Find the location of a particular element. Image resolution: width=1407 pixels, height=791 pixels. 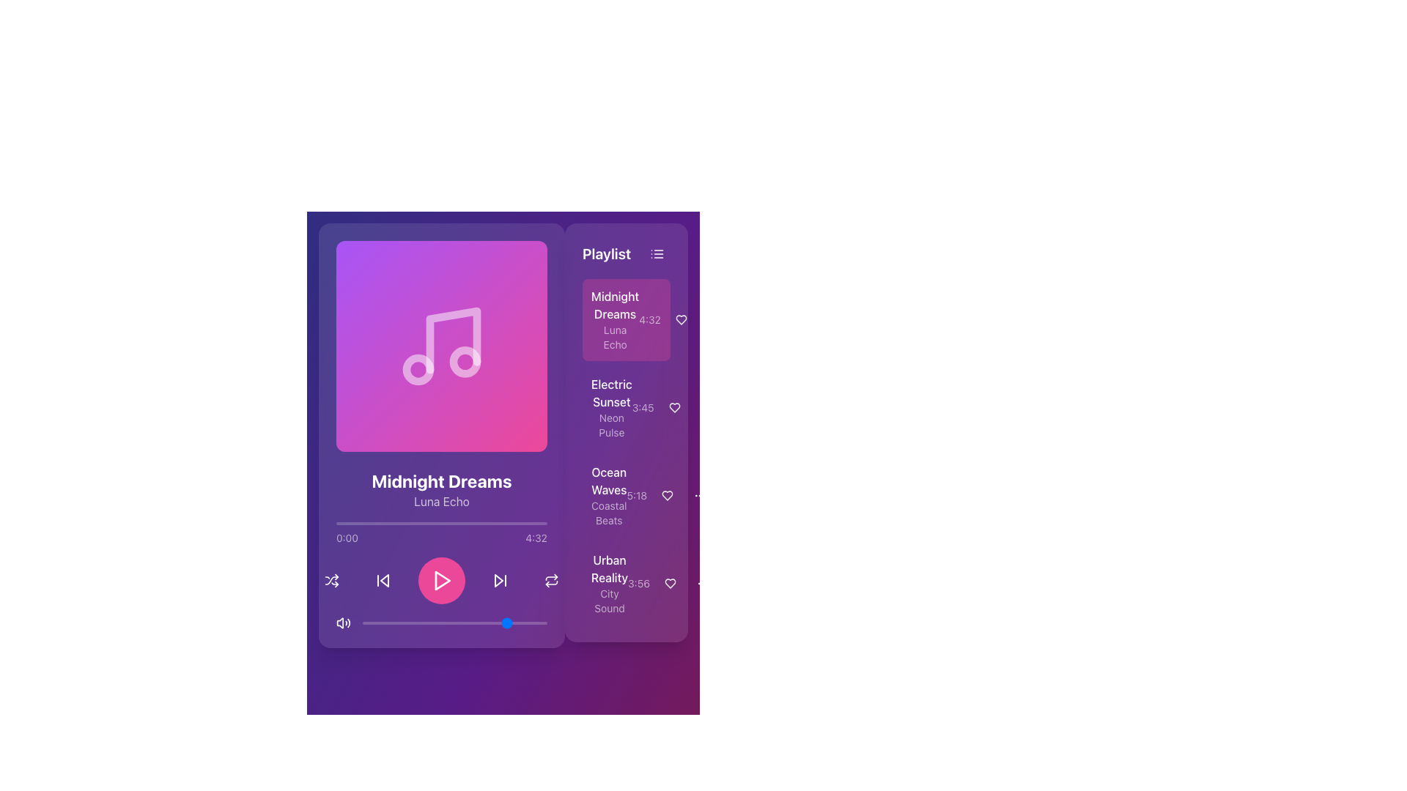

the second item in the playlist section, which represents a song or album entry is located at coordinates (611, 407).